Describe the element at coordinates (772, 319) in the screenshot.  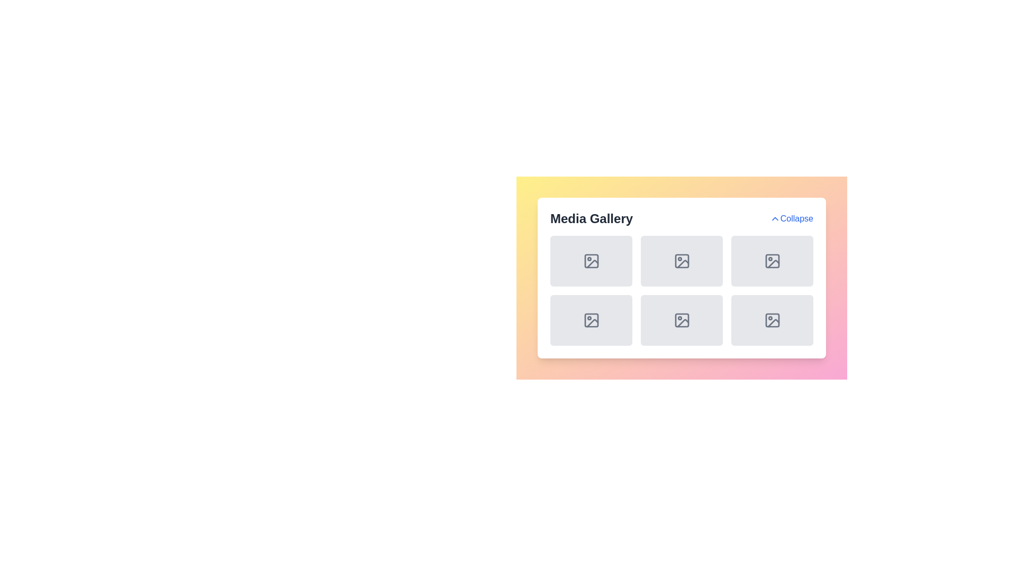
I see `the bottom-right icon in the media gallery section, which represents an image placeholder or thumbnail` at that location.